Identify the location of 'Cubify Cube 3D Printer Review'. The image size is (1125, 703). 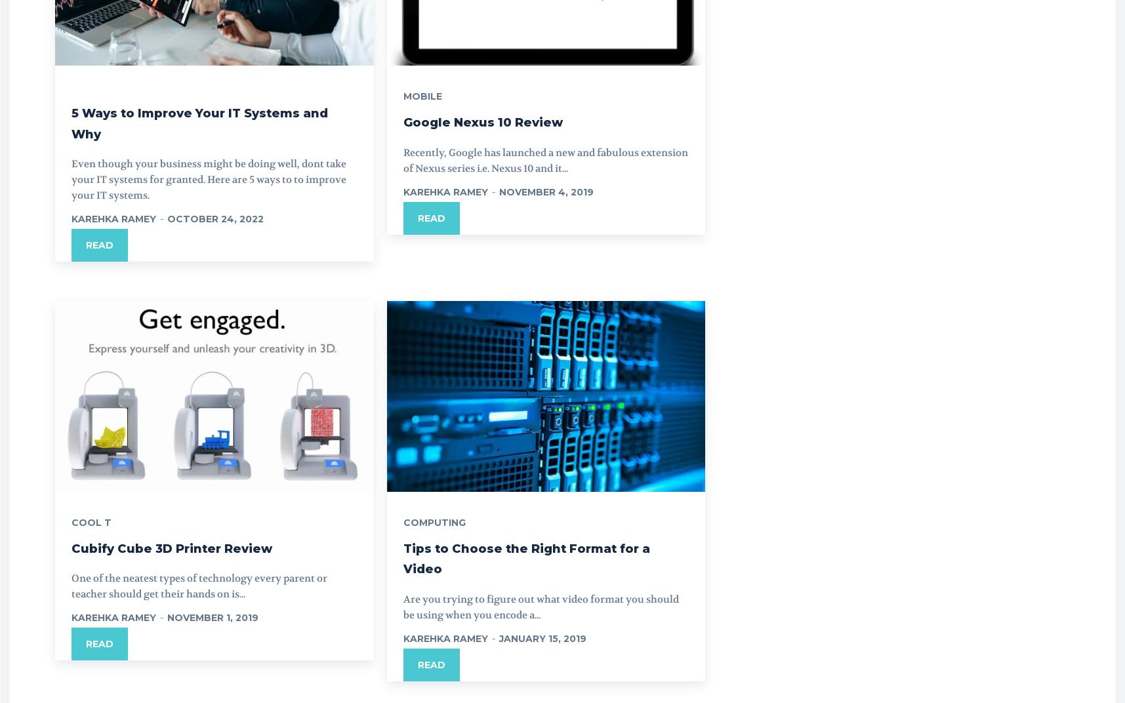
(201, 546).